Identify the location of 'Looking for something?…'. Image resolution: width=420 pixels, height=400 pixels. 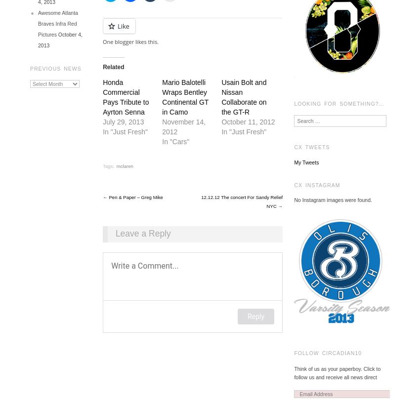
(338, 103).